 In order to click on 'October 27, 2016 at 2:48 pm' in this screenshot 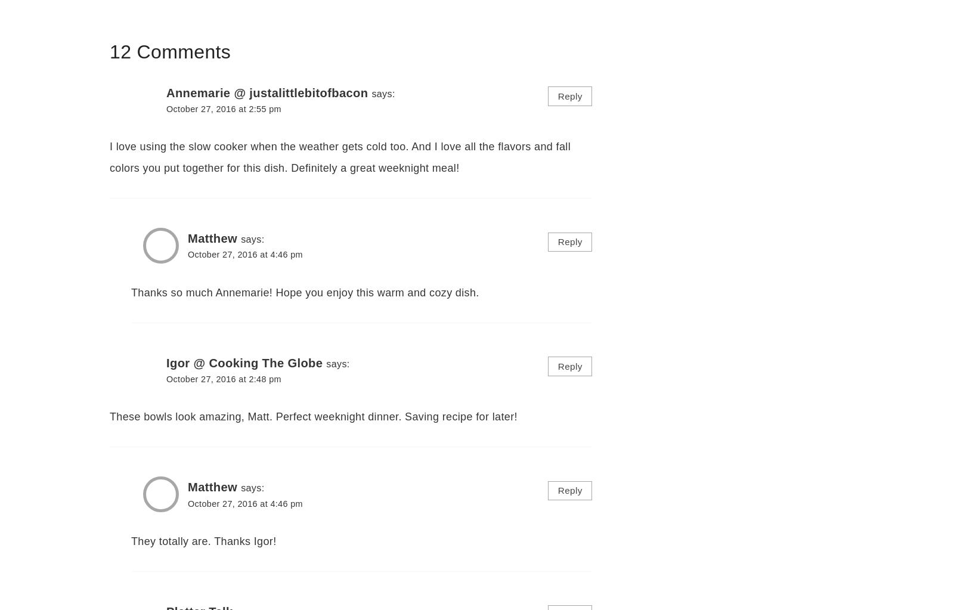, I will do `click(224, 379)`.